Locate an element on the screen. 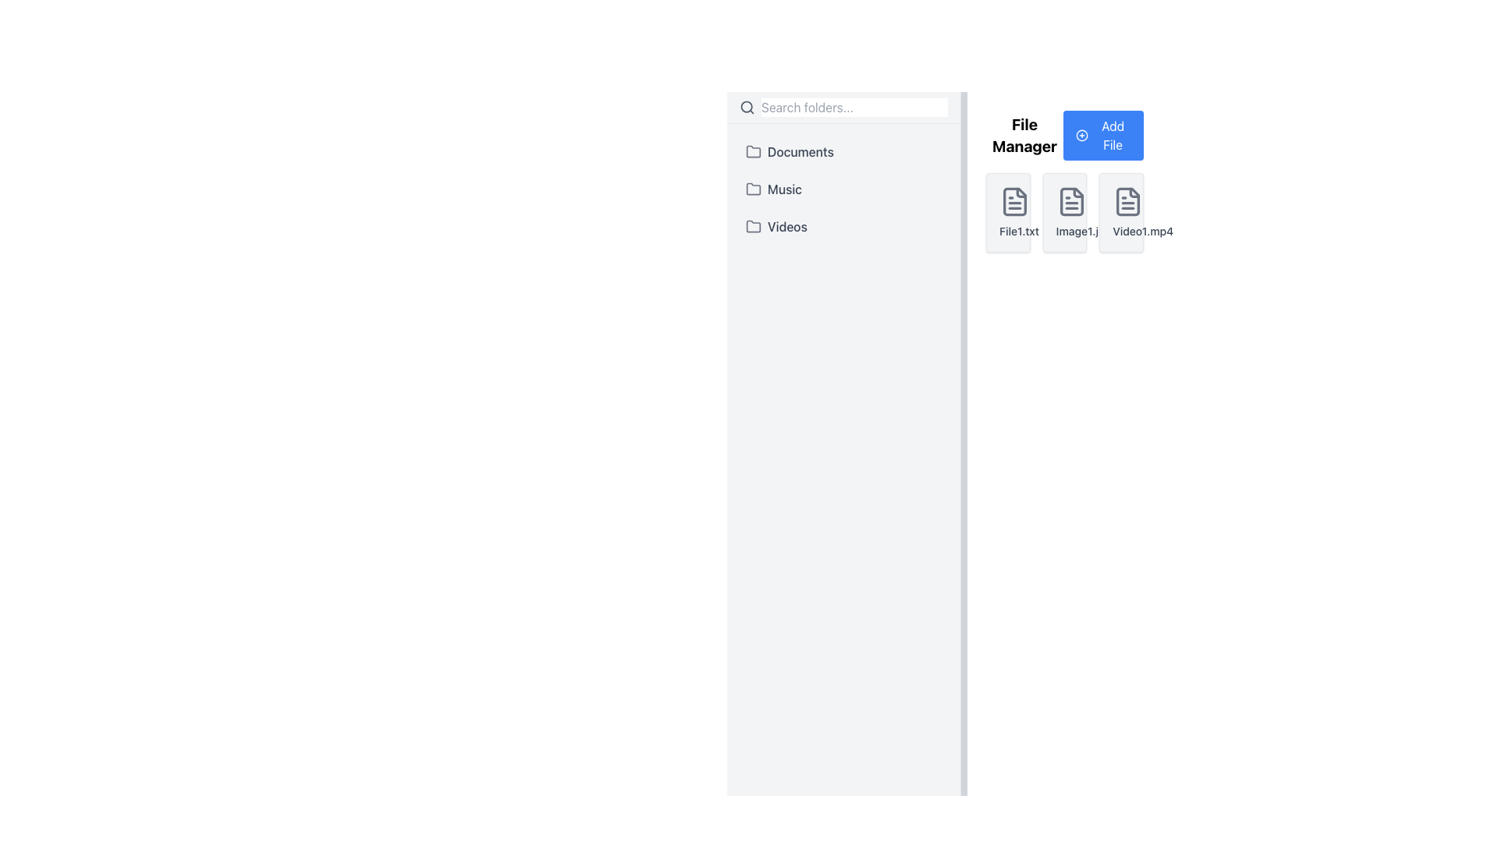  the first file card labeled 'File1.txt' in the 'File Manager' section, which has a gray background and a document icon is located at coordinates (1008, 213).